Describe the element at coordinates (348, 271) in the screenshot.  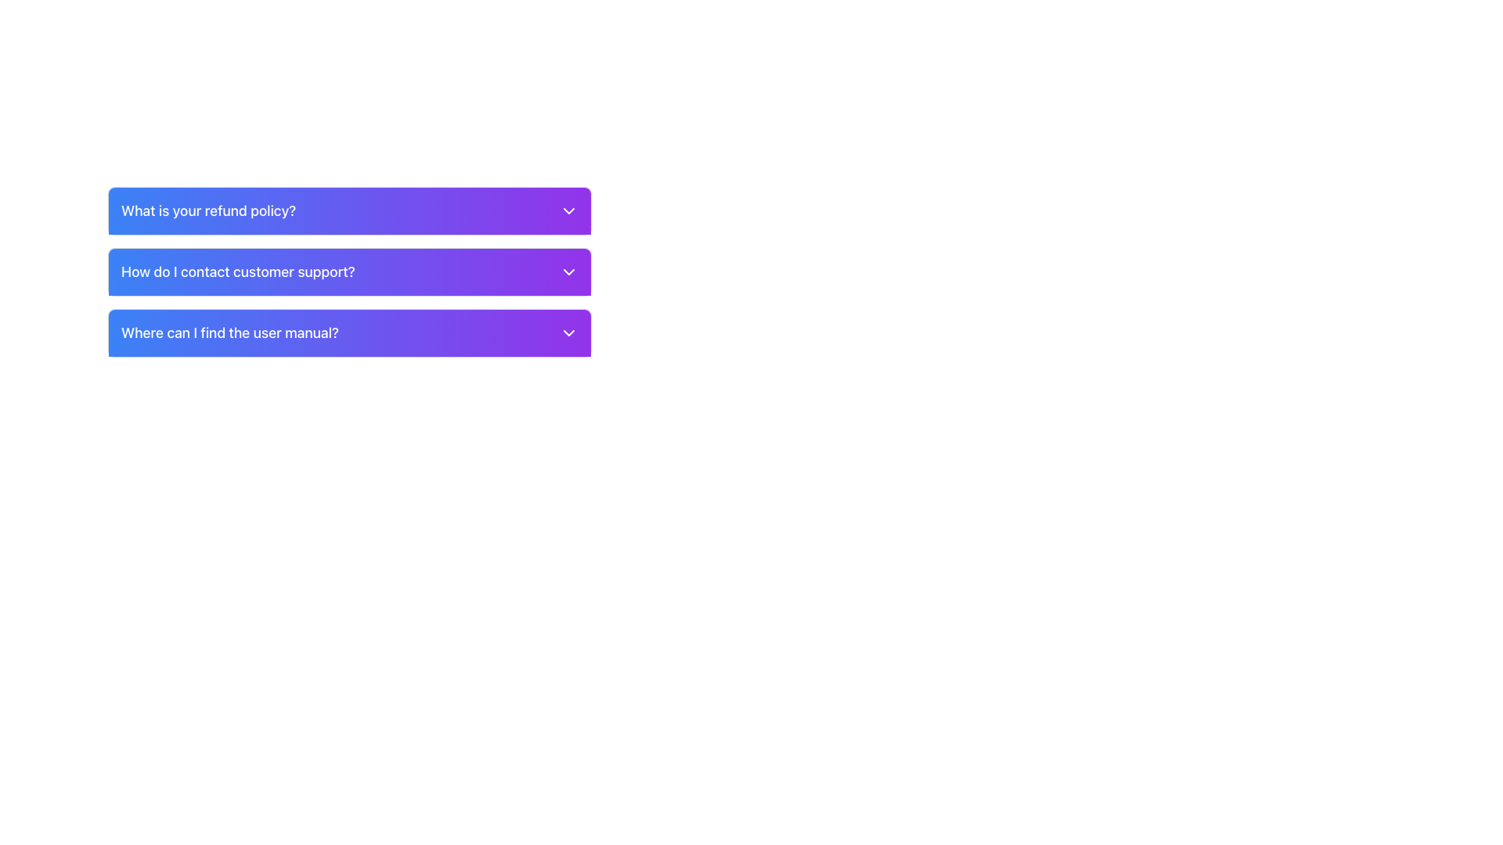
I see `the interactive dropdown header element that contains the text 'How do I contact customer support?' and a chevron-down icon` at that location.